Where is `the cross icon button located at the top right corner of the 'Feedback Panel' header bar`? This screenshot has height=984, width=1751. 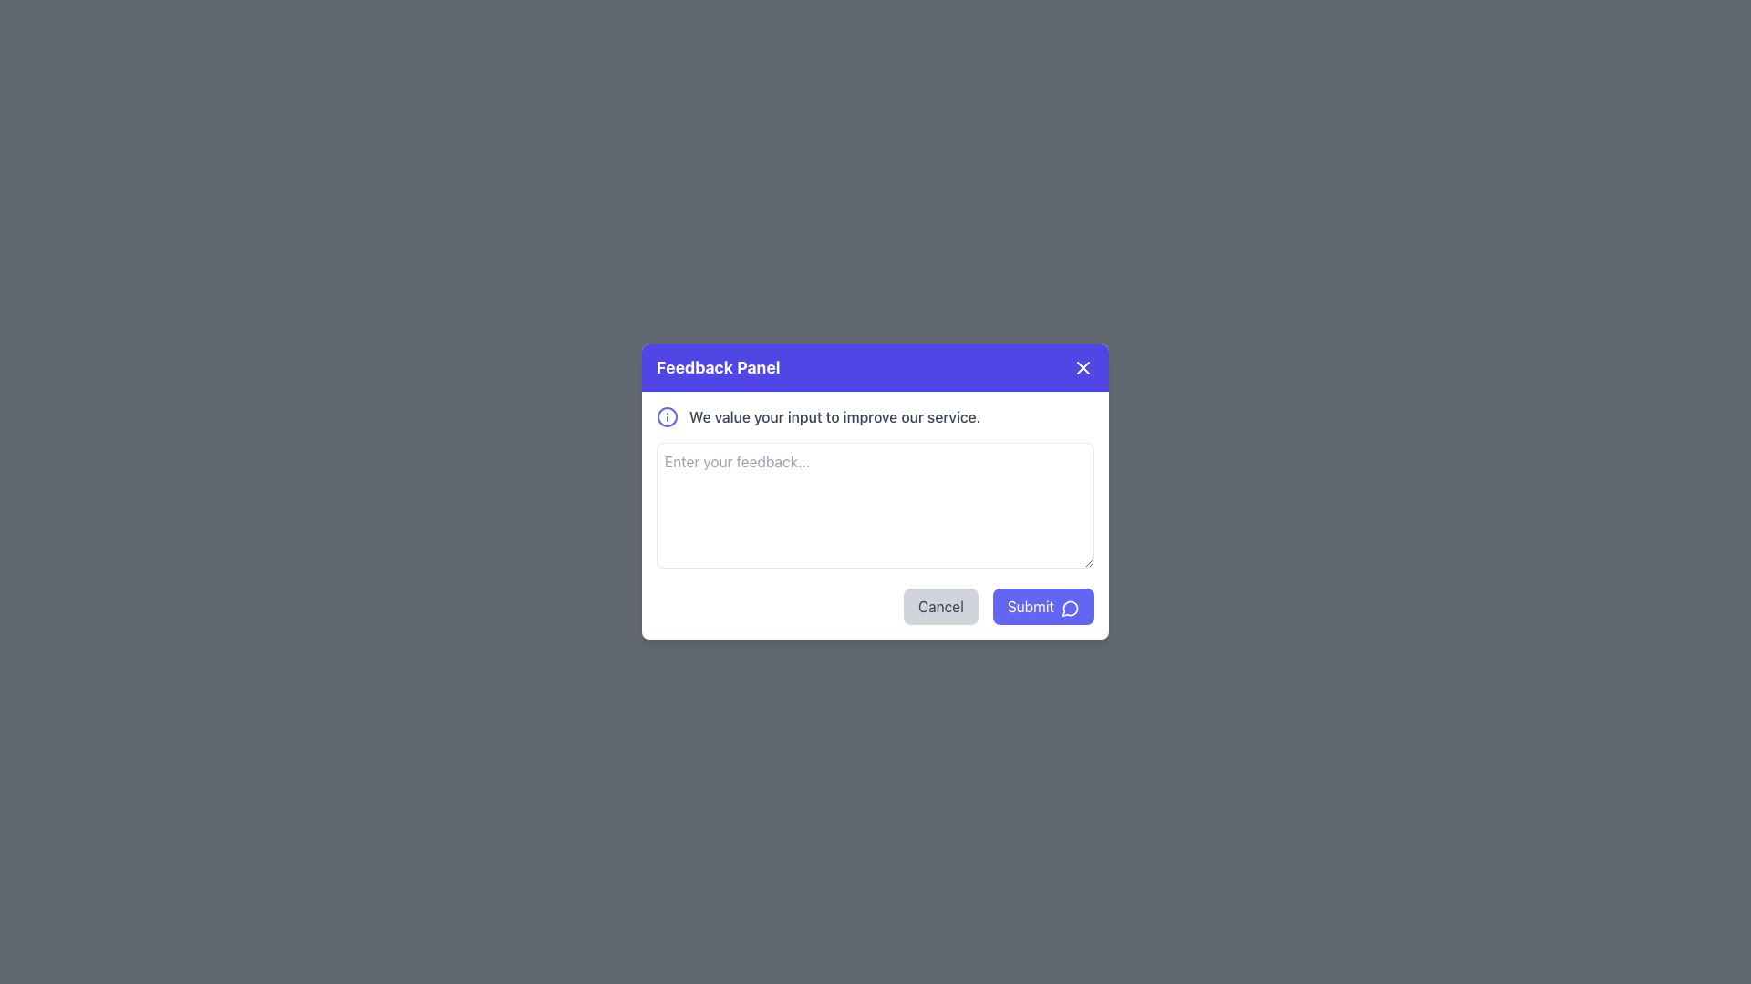
the cross icon button located at the top right corner of the 'Feedback Panel' header bar is located at coordinates (1083, 368).